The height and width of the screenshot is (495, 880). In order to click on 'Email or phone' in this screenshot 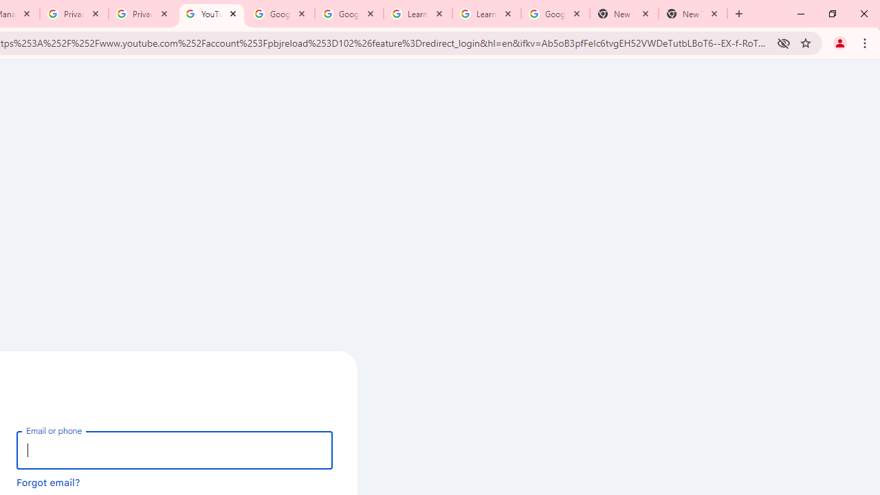, I will do `click(174, 450)`.